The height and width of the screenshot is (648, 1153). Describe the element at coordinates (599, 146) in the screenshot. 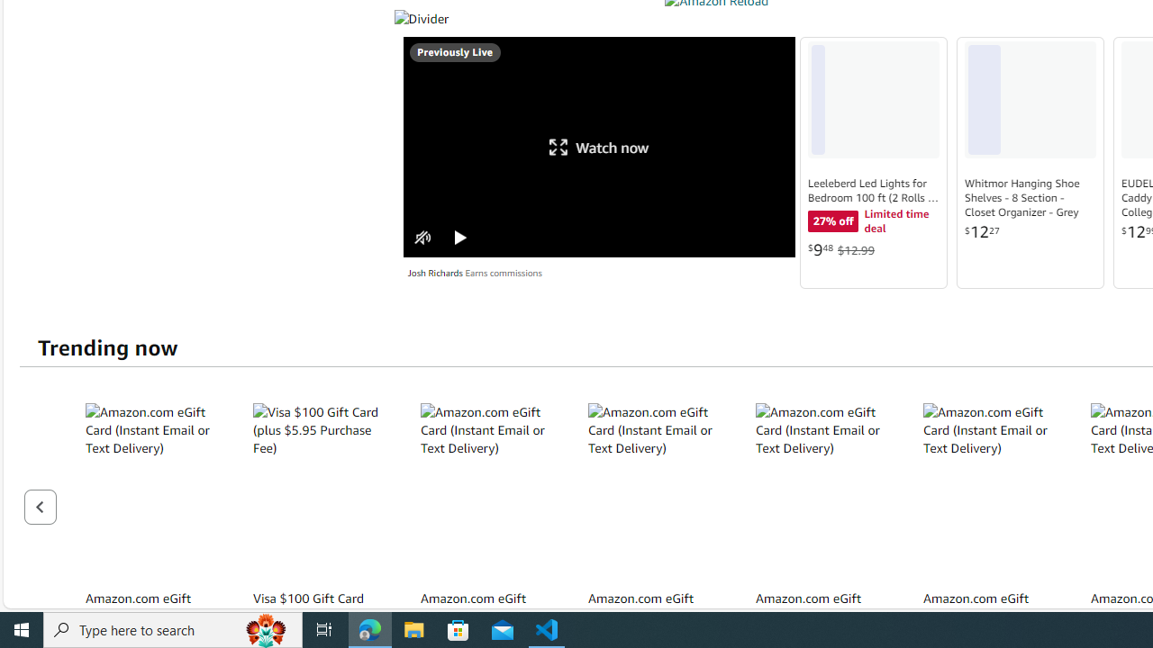

I see `'Tap Watch now to see broadcast in immersive view'` at that location.